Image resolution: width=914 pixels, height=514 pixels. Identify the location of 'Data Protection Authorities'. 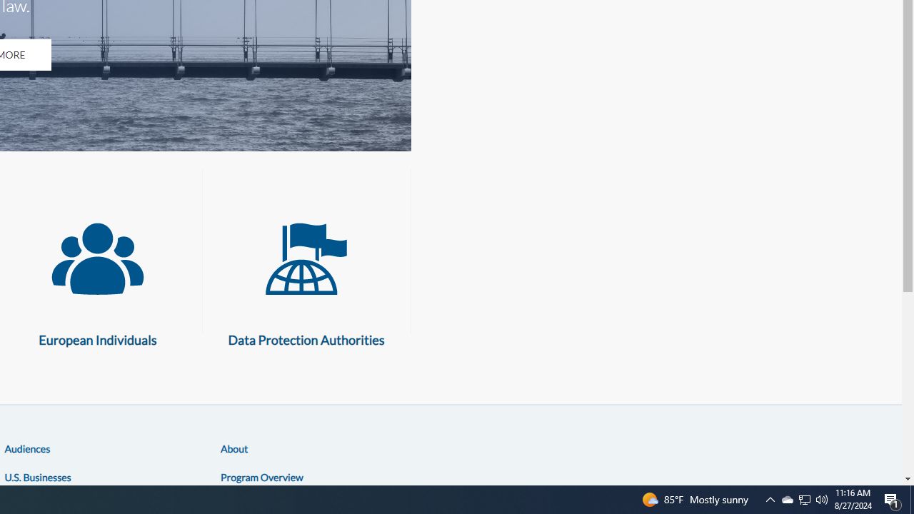
(306, 259).